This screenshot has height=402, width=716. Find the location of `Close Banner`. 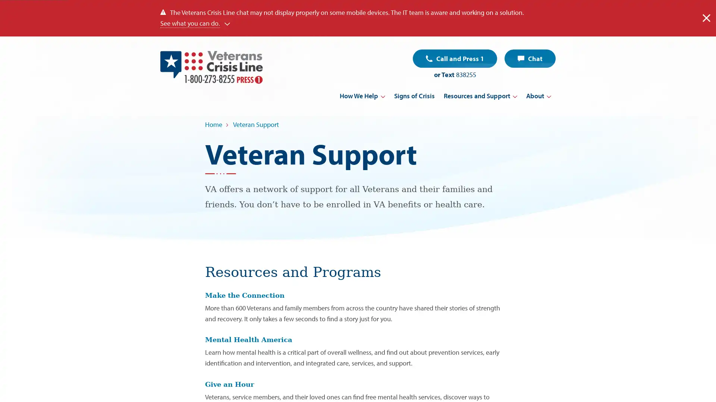

Close Banner is located at coordinates (706, 17).